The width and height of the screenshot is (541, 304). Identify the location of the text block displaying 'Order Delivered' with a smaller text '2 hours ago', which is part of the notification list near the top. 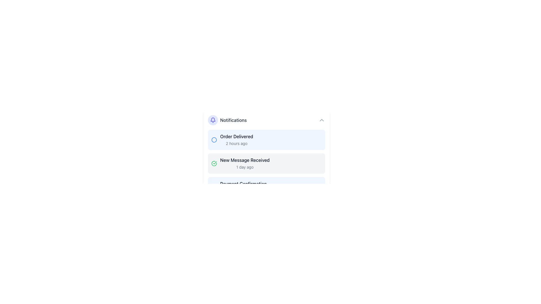
(236, 140).